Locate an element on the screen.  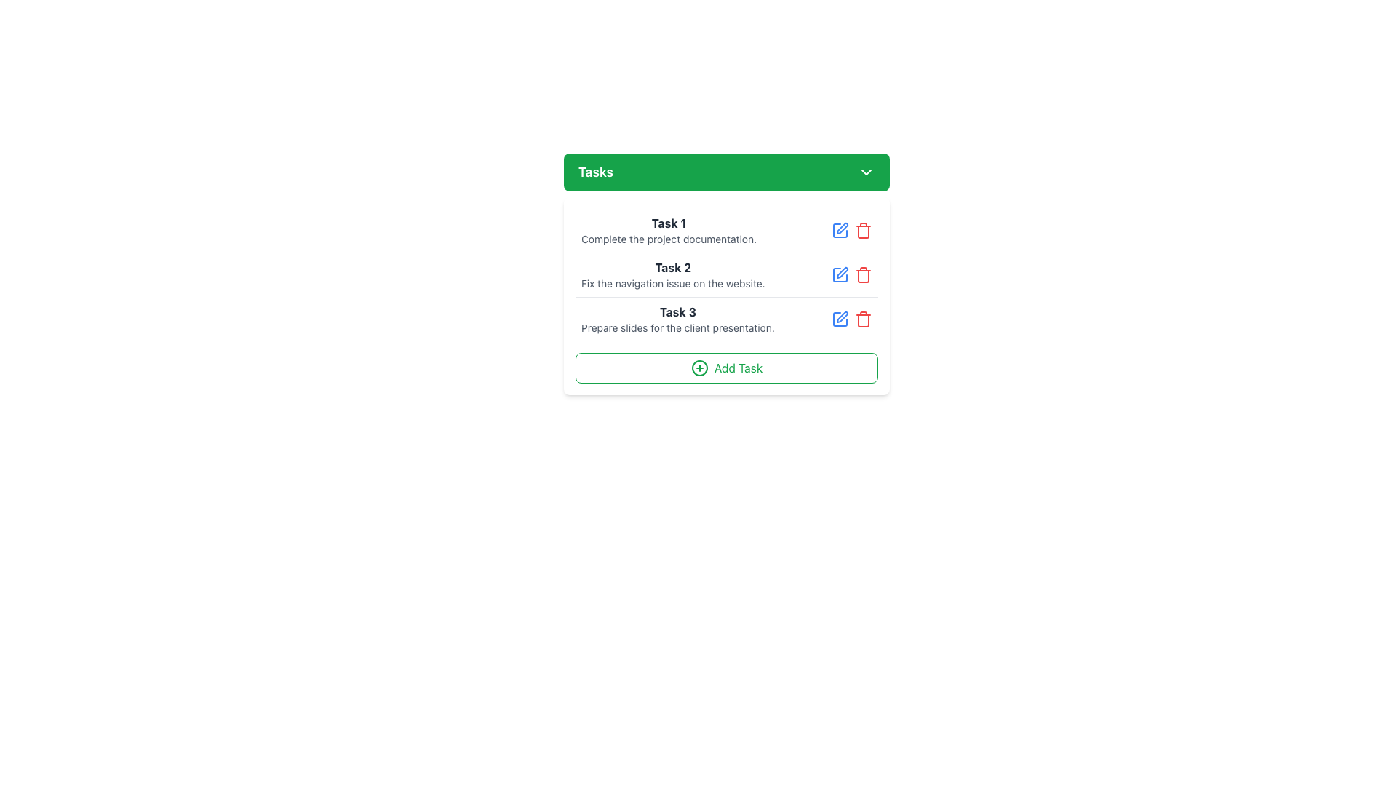
the second task's text content in the task list, which provides an overview of the task number and its description is located at coordinates (672, 275).